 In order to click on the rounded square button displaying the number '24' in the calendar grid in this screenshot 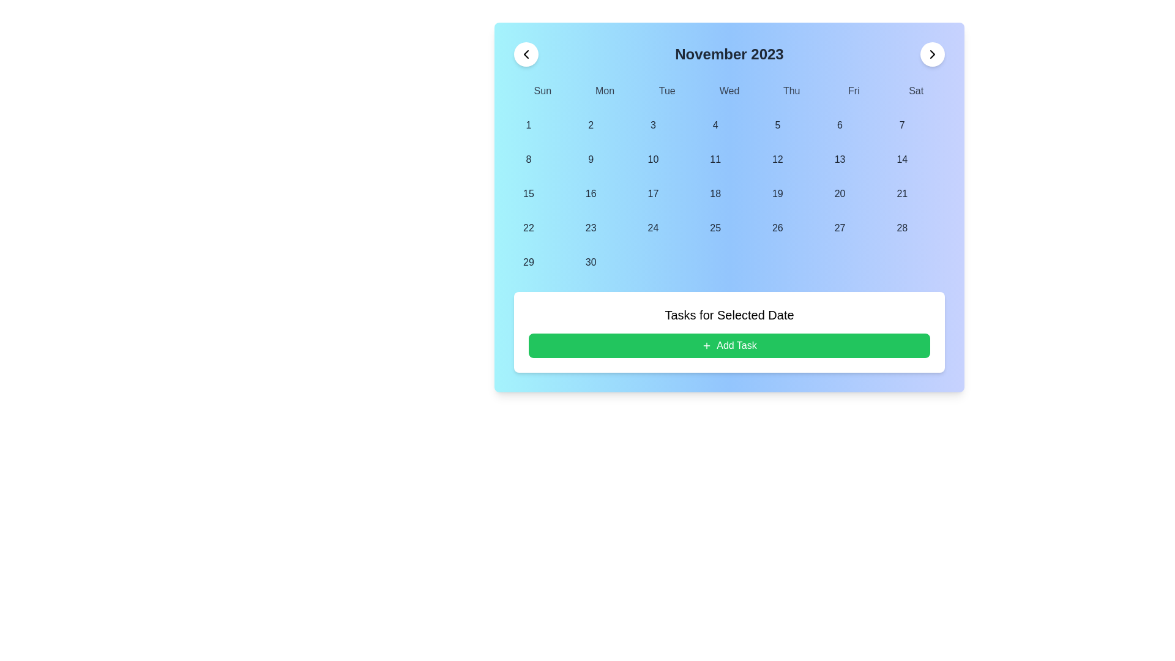, I will do `click(652, 228)`.